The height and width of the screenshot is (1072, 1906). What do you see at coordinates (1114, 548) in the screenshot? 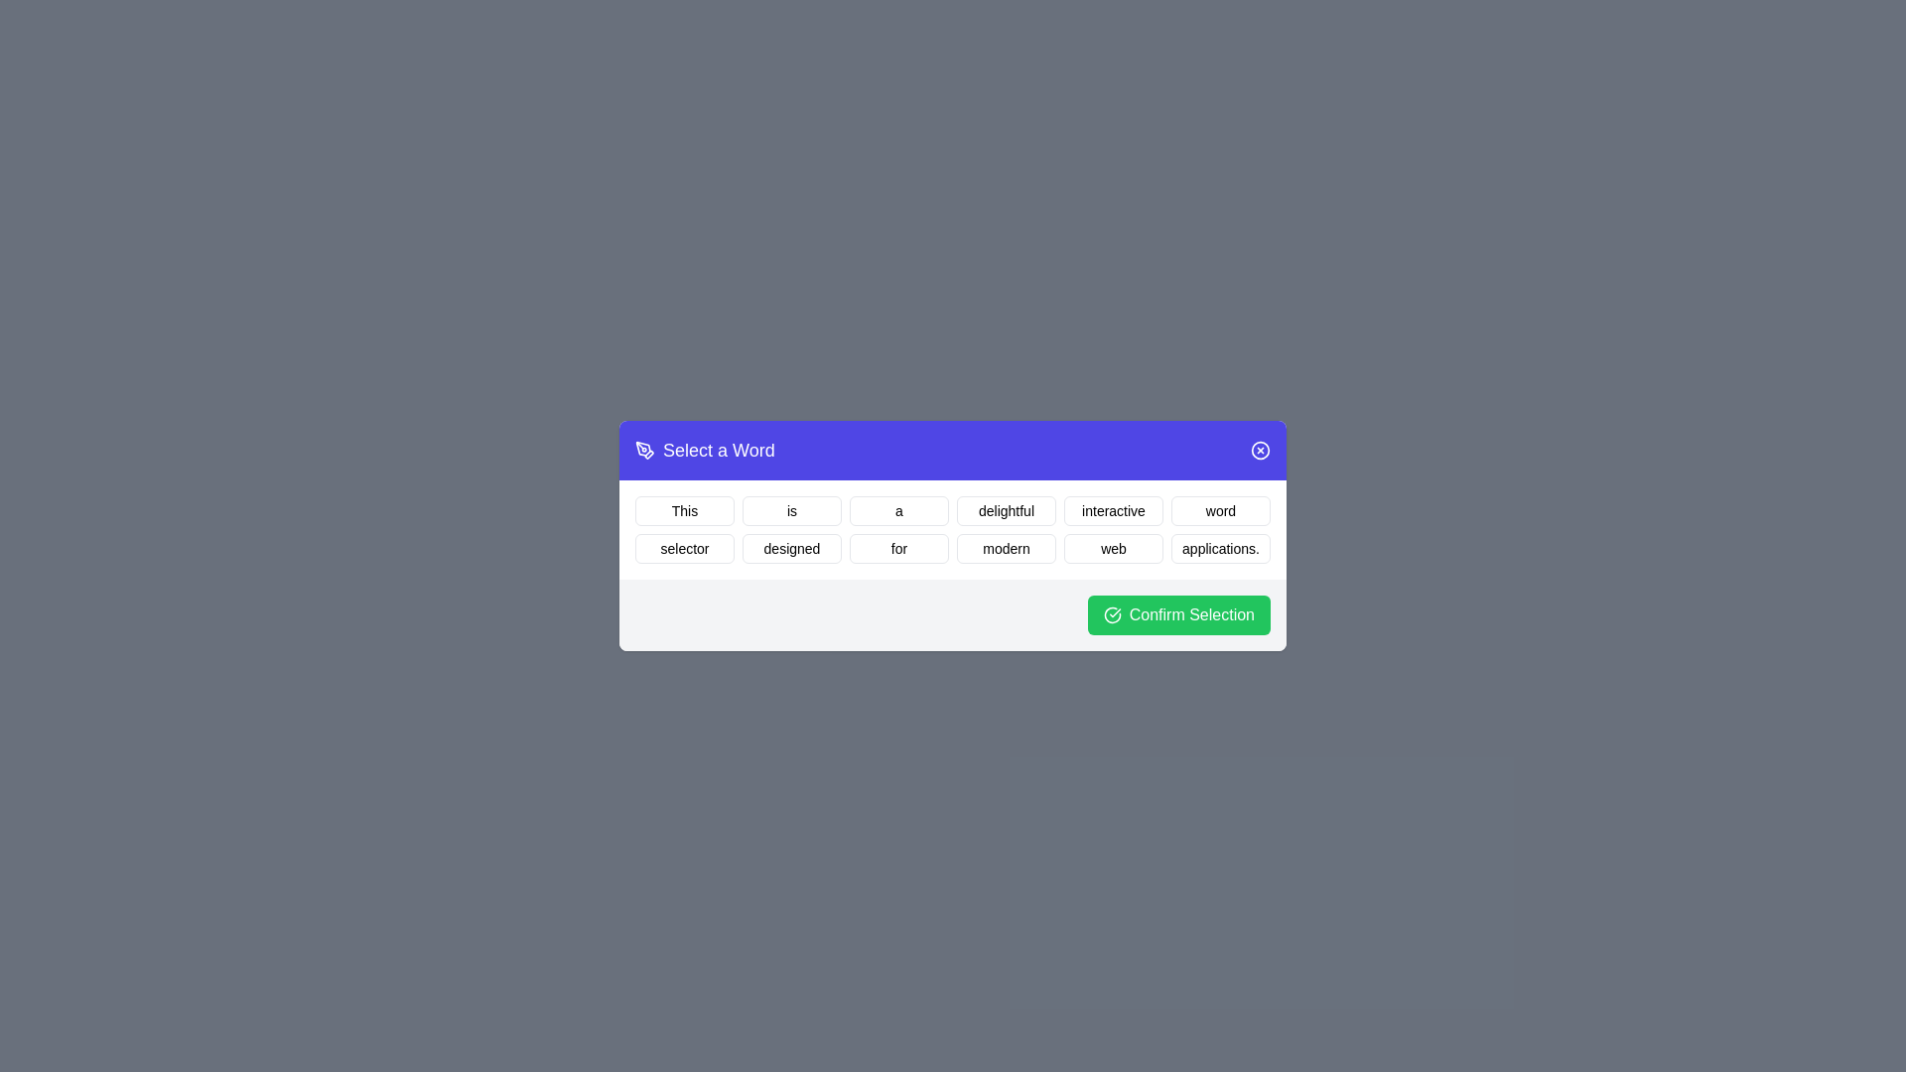
I see `the word web by clicking on it` at bounding box center [1114, 548].